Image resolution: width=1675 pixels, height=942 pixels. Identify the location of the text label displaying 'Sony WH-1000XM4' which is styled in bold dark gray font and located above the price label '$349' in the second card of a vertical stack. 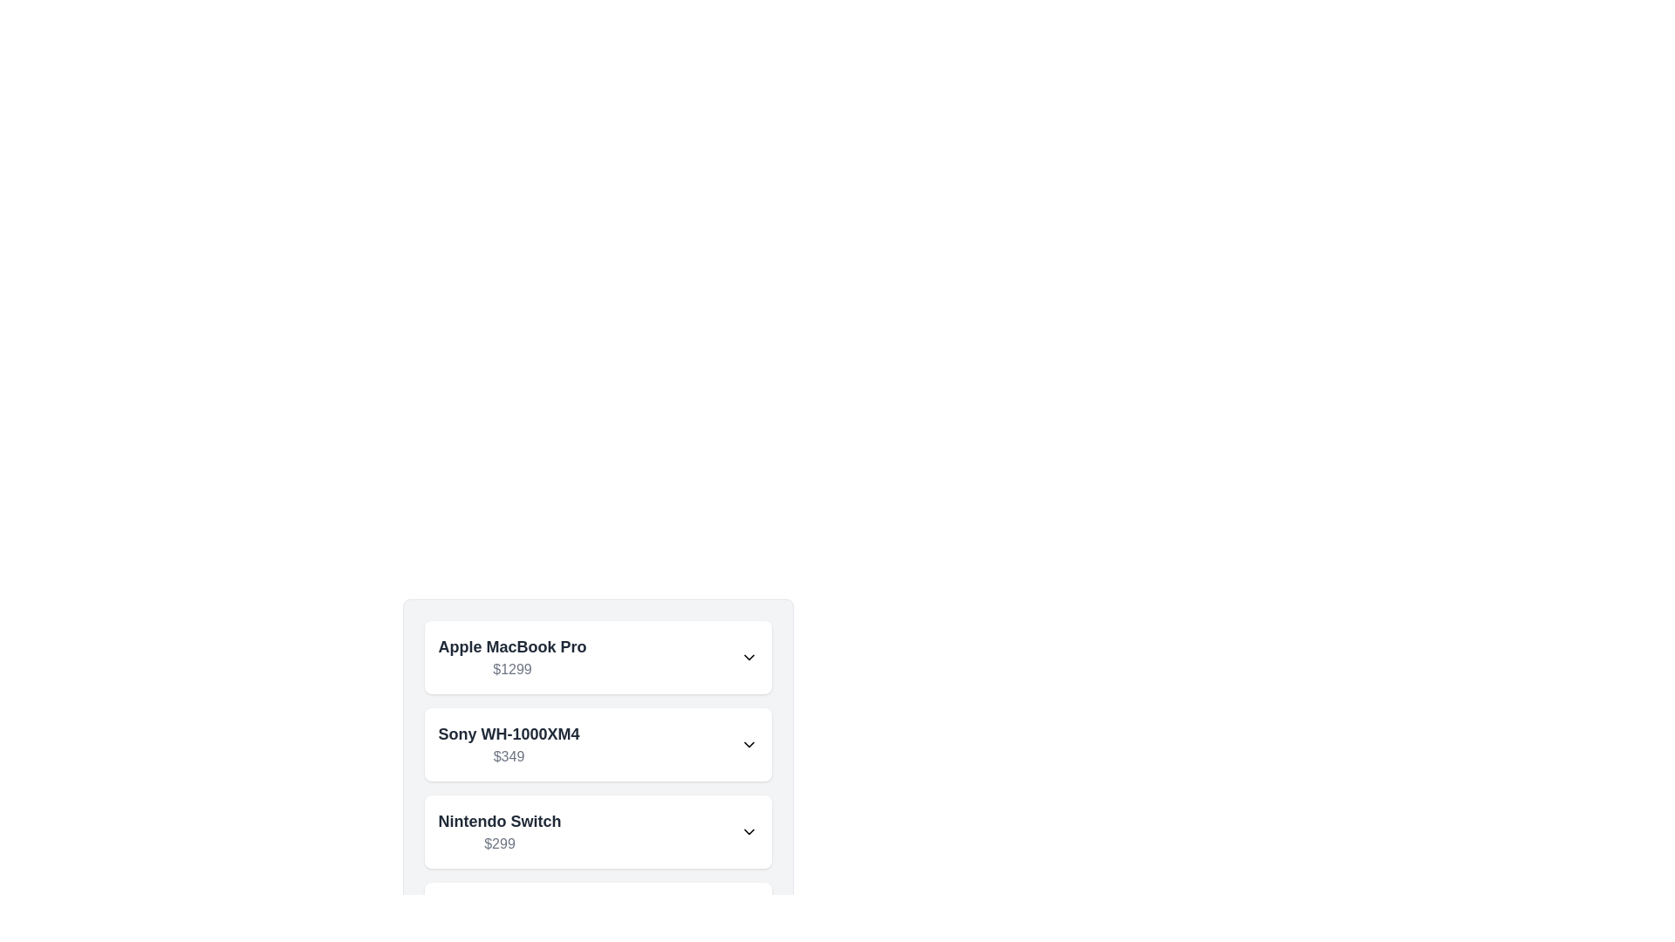
(508, 734).